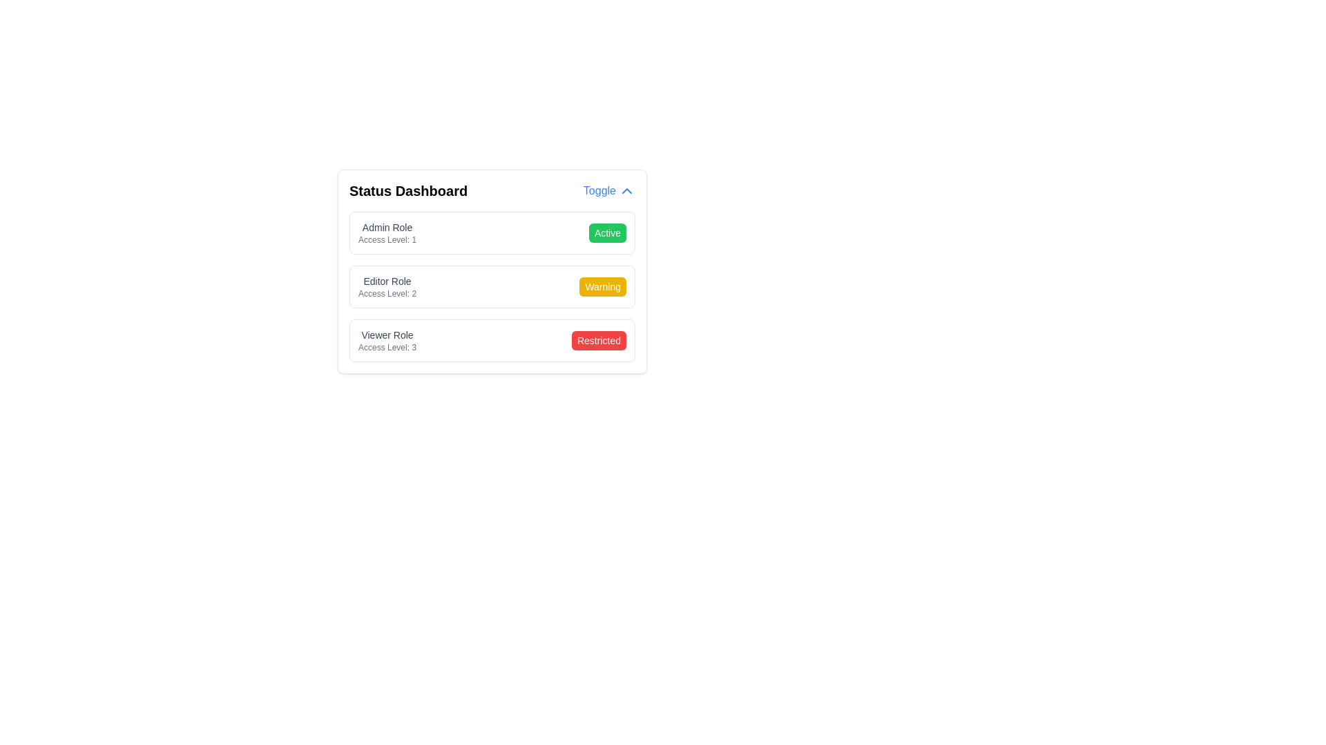 The image size is (1326, 745). I want to click on the small upward-pointing chevron icon located next to the 'Toggle' label in the Status Dashboard section, so click(626, 191).